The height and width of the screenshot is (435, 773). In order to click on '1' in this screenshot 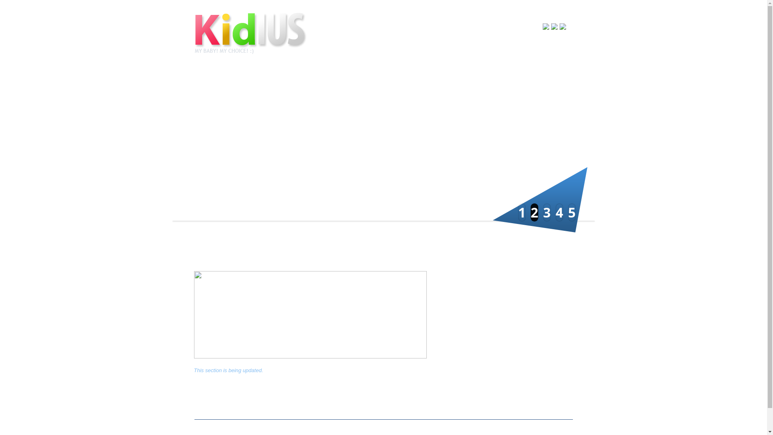, I will do `click(521, 212)`.